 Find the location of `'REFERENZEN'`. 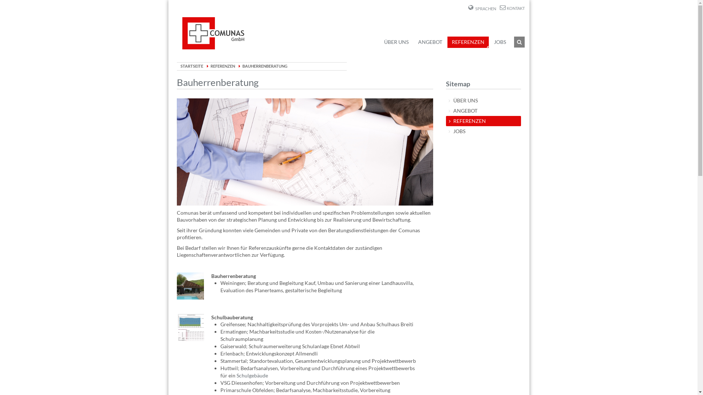

'REFERENZEN' is located at coordinates (447, 42).